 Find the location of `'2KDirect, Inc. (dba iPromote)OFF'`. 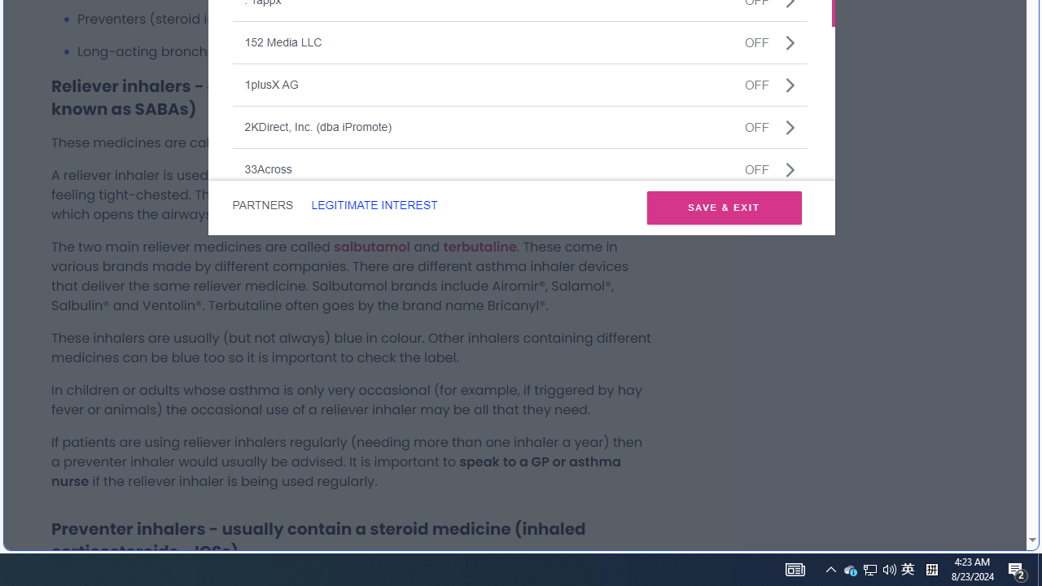

'2KDirect, Inc. (dba iPromote)OFF' is located at coordinates (519, 125).